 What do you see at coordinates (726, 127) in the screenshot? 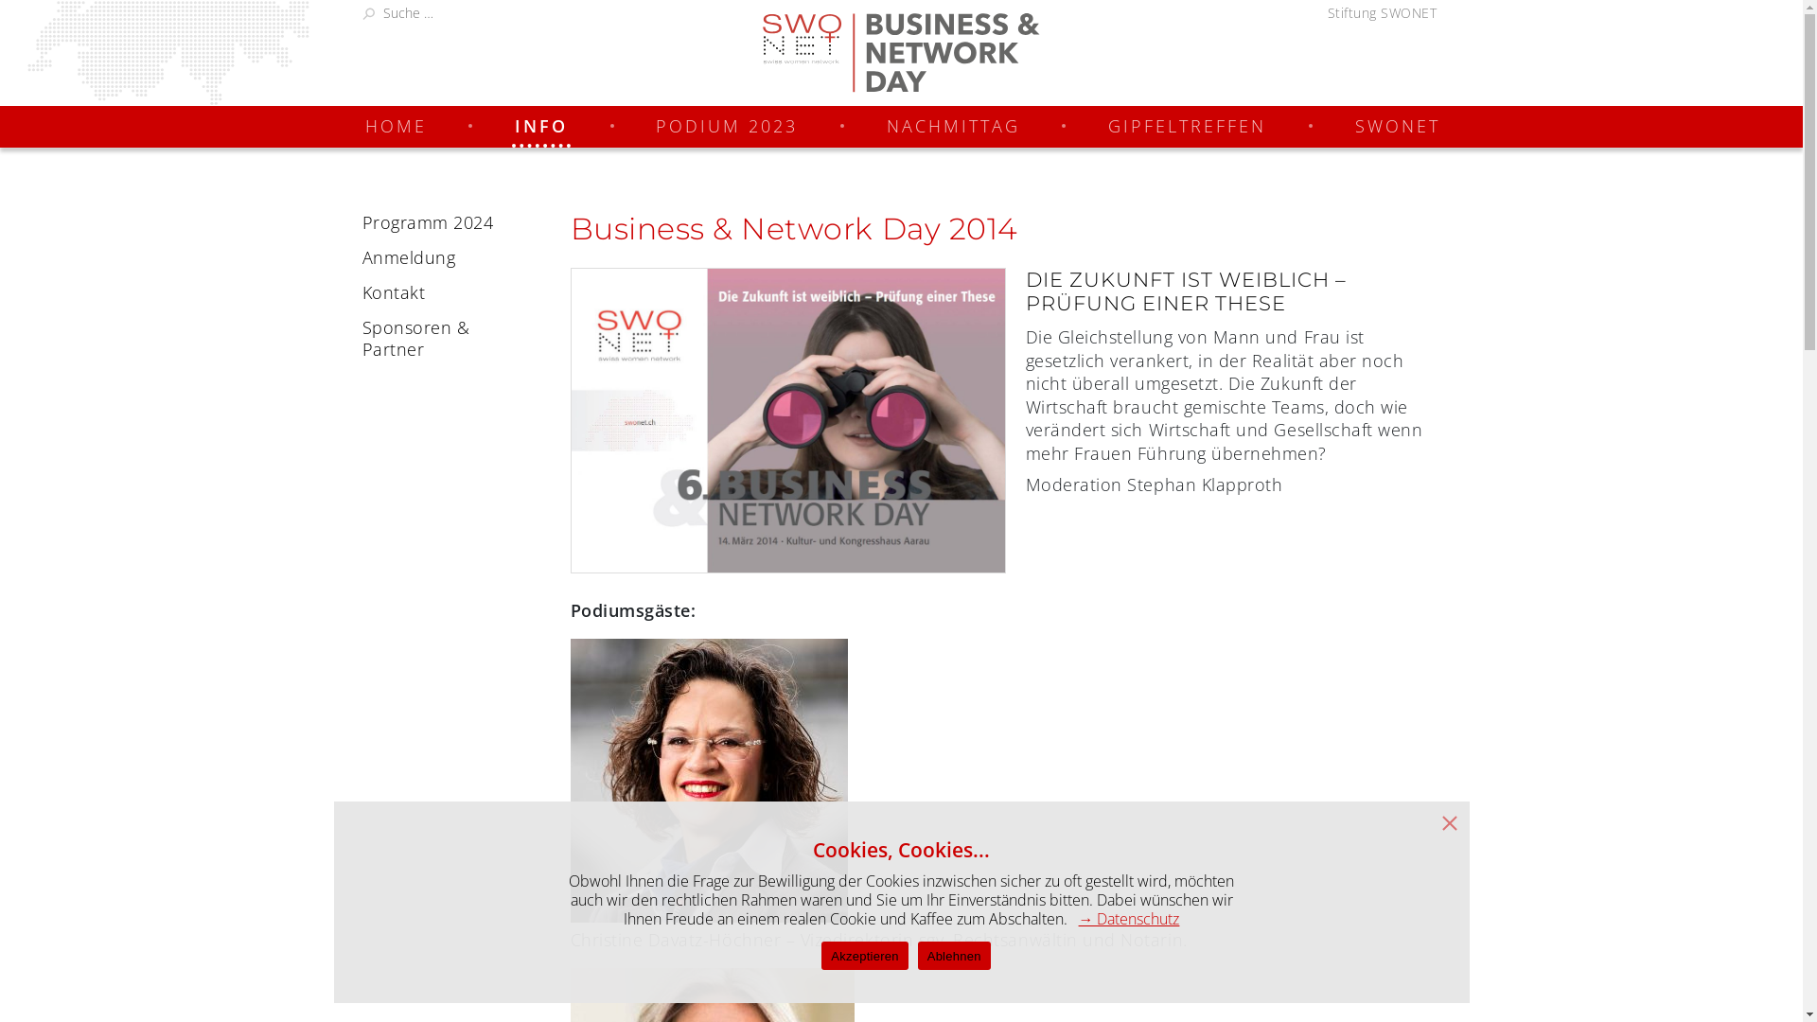
I see `'PODIUM 2023'` at bounding box center [726, 127].